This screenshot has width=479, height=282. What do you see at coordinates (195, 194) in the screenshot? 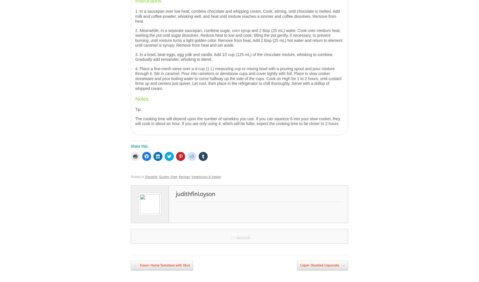
I see `'judithfinlayson'` at bounding box center [195, 194].